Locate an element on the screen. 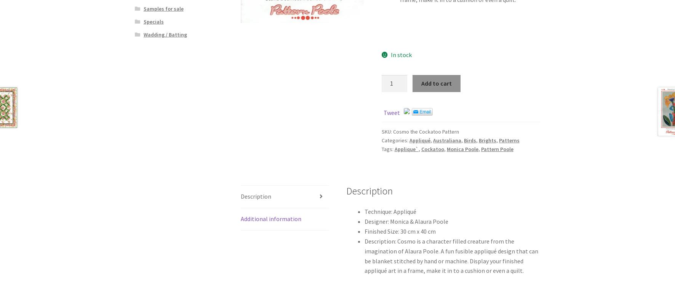 The width and height of the screenshot is (675, 293). 'Technique: Appliqué' is located at coordinates (390, 212).